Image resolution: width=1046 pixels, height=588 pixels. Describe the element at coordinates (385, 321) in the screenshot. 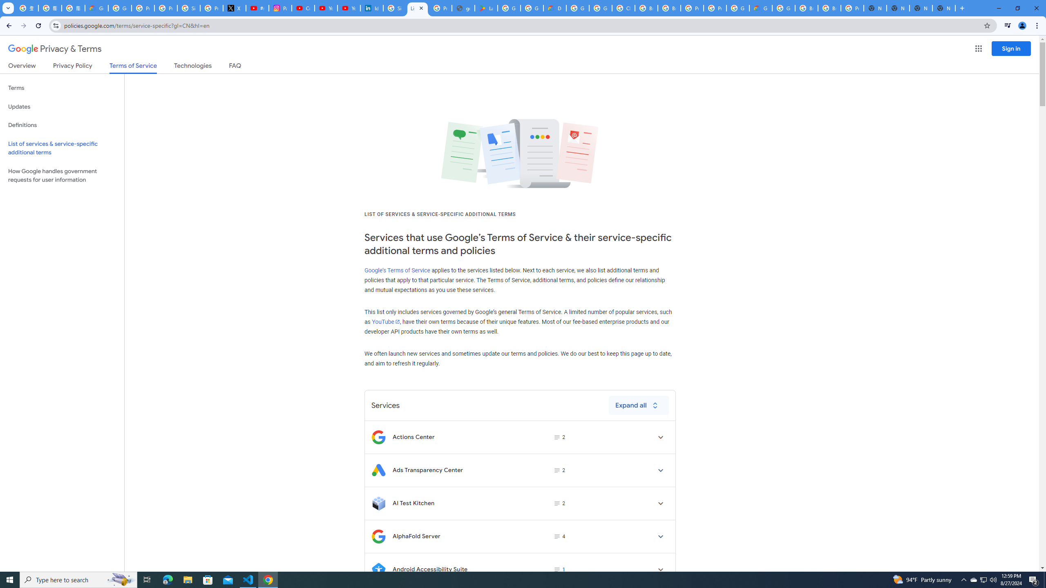

I see `'YouTube'` at that location.